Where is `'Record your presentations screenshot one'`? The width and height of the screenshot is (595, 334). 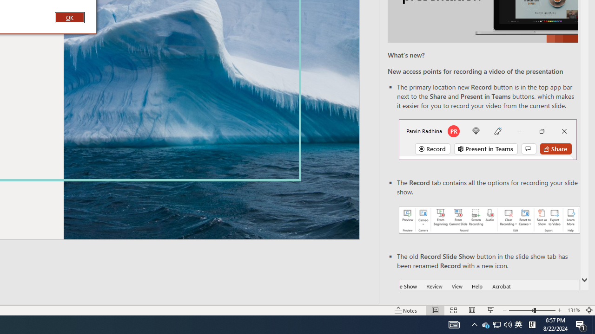
'Record your presentations screenshot one' is located at coordinates (489, 220).